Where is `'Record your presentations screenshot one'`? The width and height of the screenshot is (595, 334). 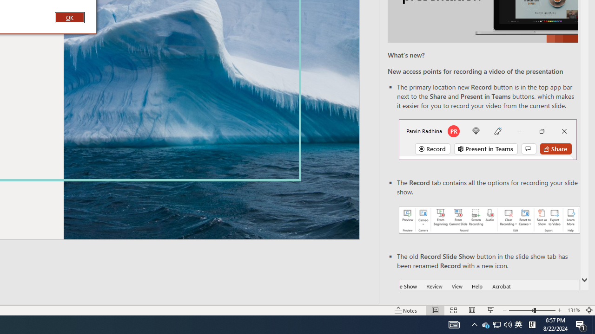
'Record your presentations screenshot one' is located at coordinates (489, 220).